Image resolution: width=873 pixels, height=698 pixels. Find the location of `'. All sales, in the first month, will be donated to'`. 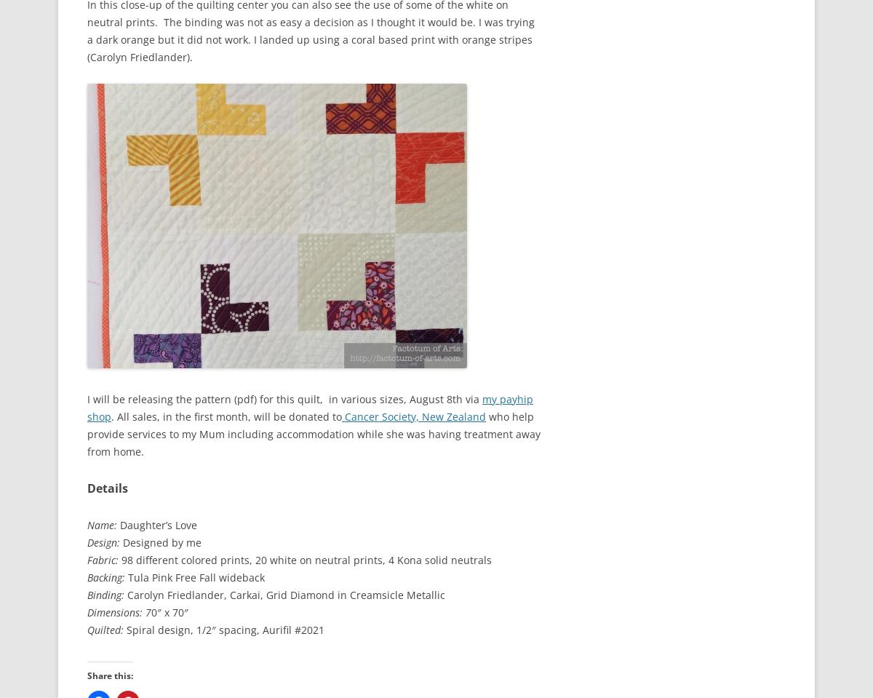

'. All sales, in the first month, will be donated to' is located at coordinates (111, 415).